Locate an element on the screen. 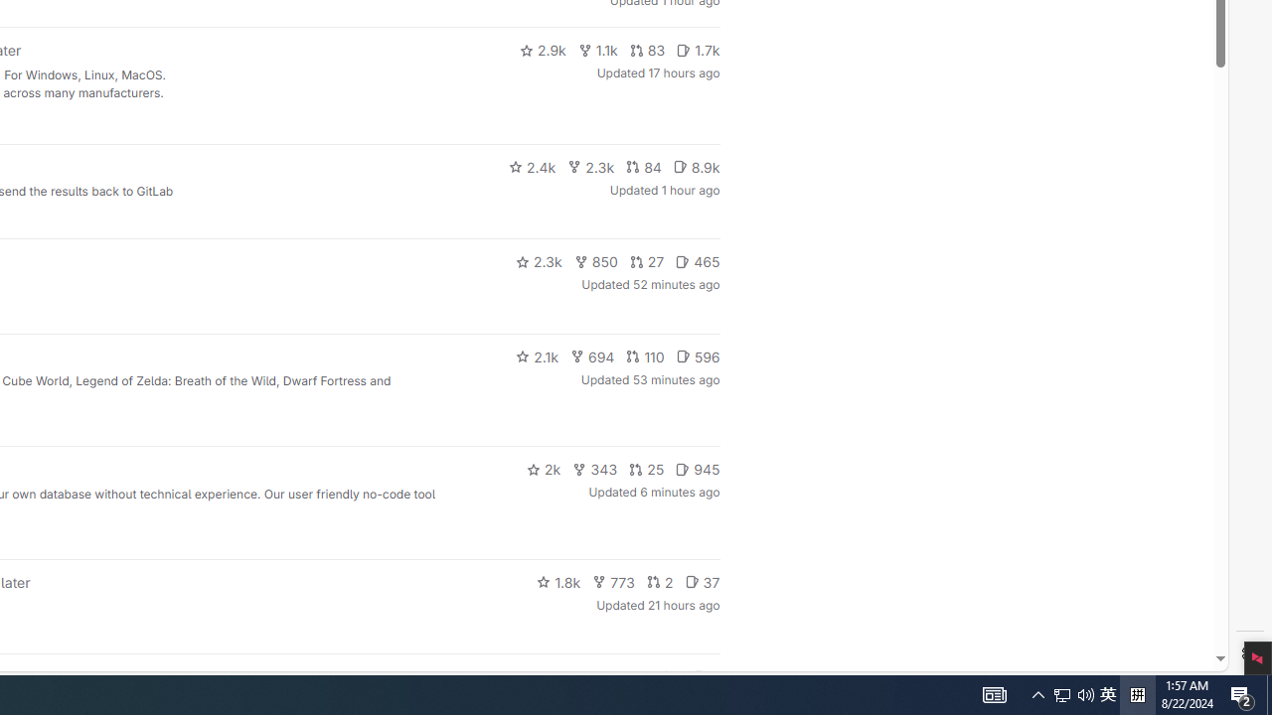 This screenshot has height=715, width=1272. '25' is located at coordinates (647, 470).